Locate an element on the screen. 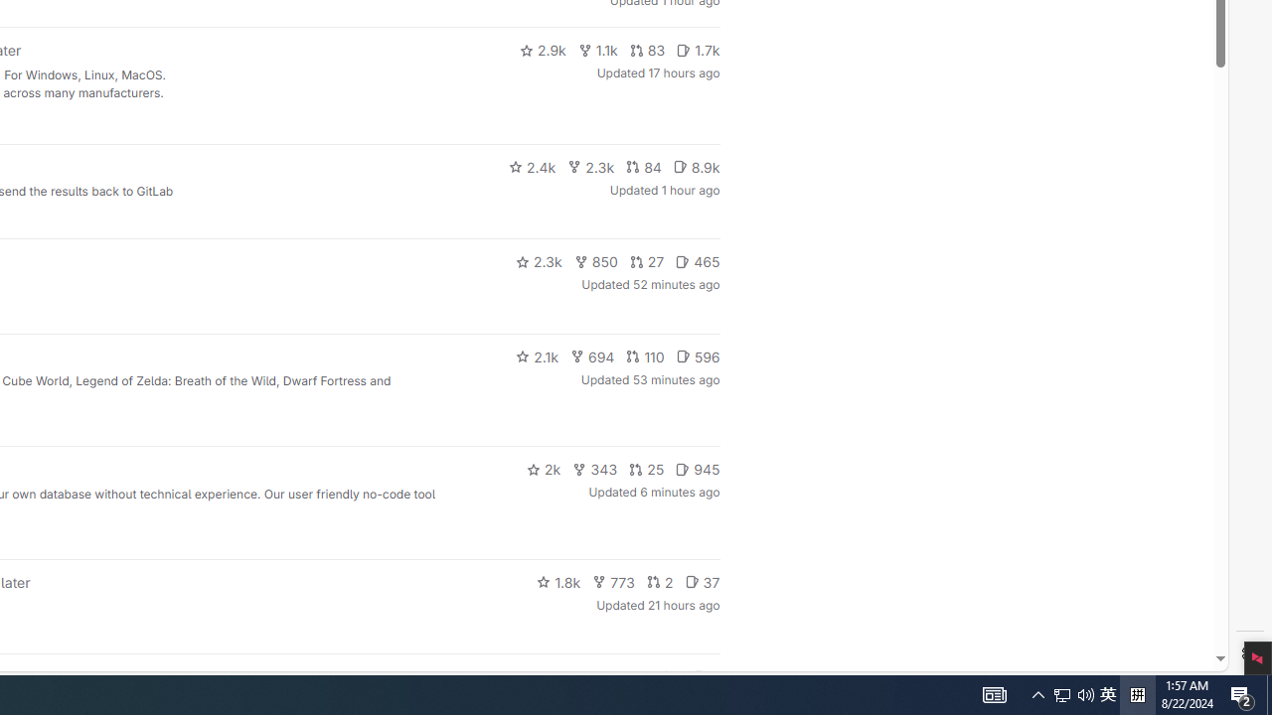 This screenshot has height=715, width=1272. '25' is located at coordinates (647, 470).